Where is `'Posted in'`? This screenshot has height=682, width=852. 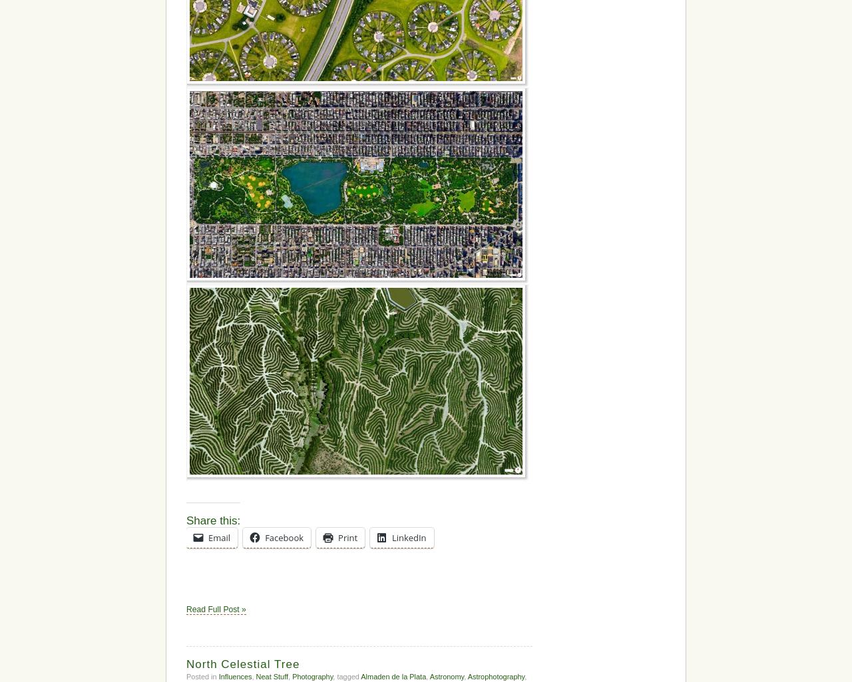
'Posted in' is located at coordinates (202, 675).